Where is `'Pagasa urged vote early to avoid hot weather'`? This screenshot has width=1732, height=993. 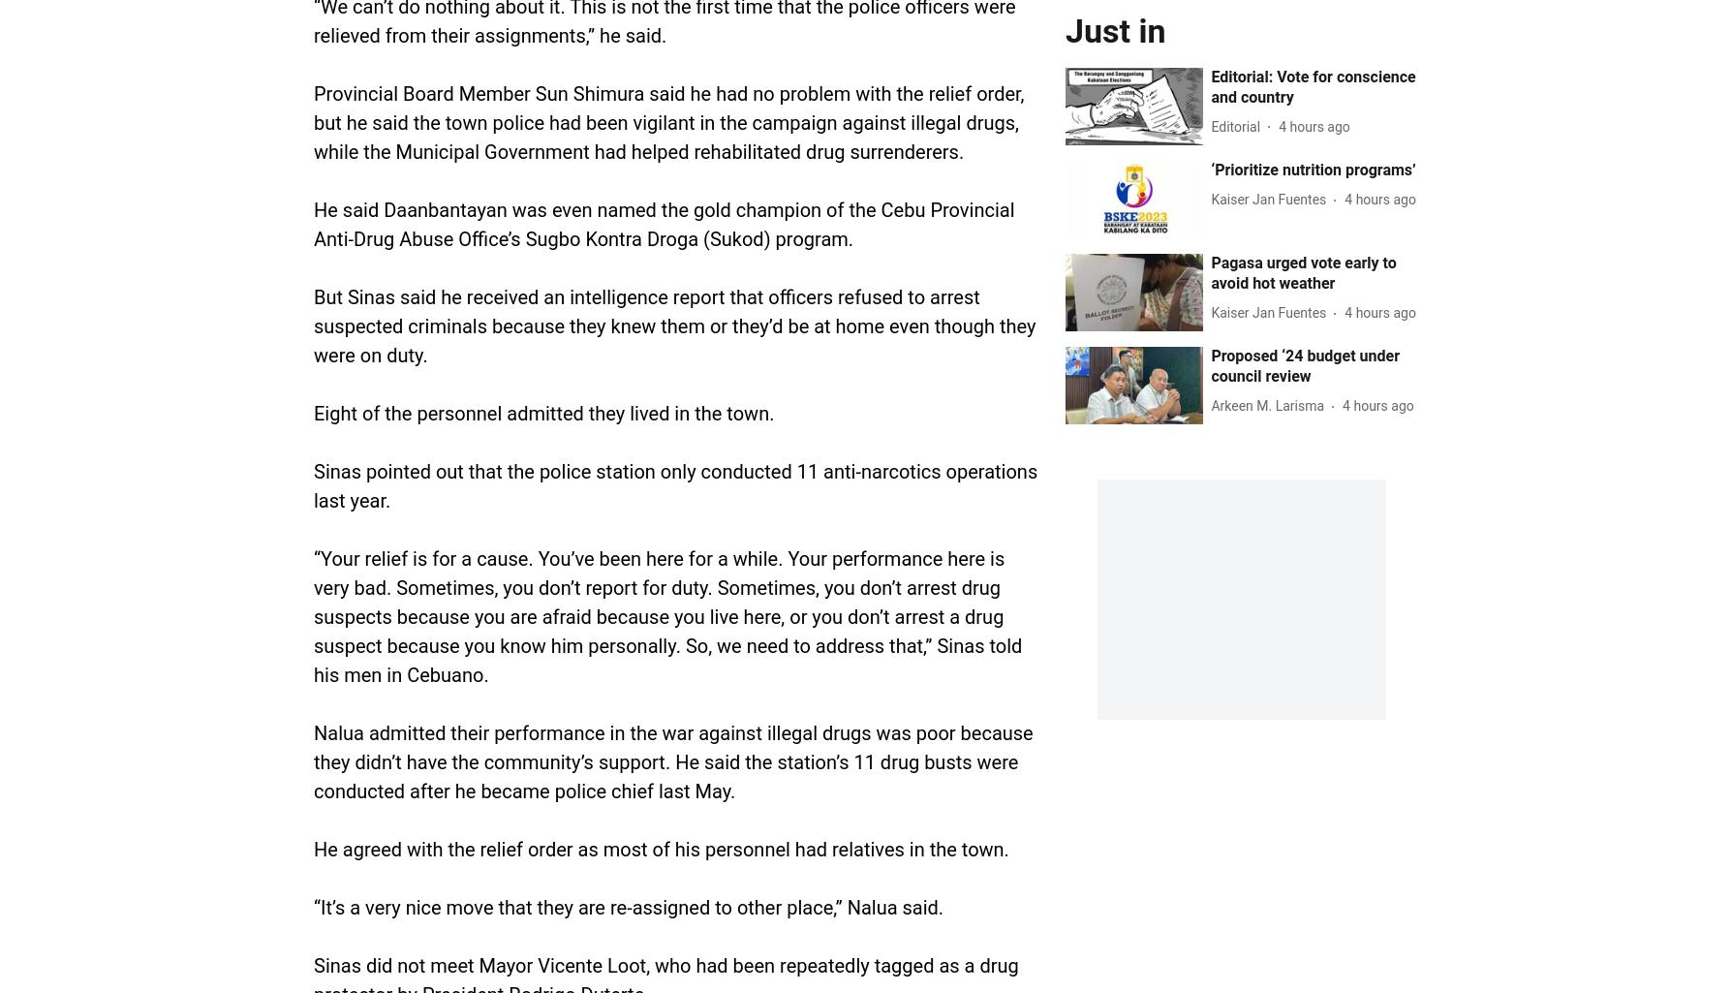 'Pagasa urged vote early to avoid hot weather' is located at coordinates (1209, 272).